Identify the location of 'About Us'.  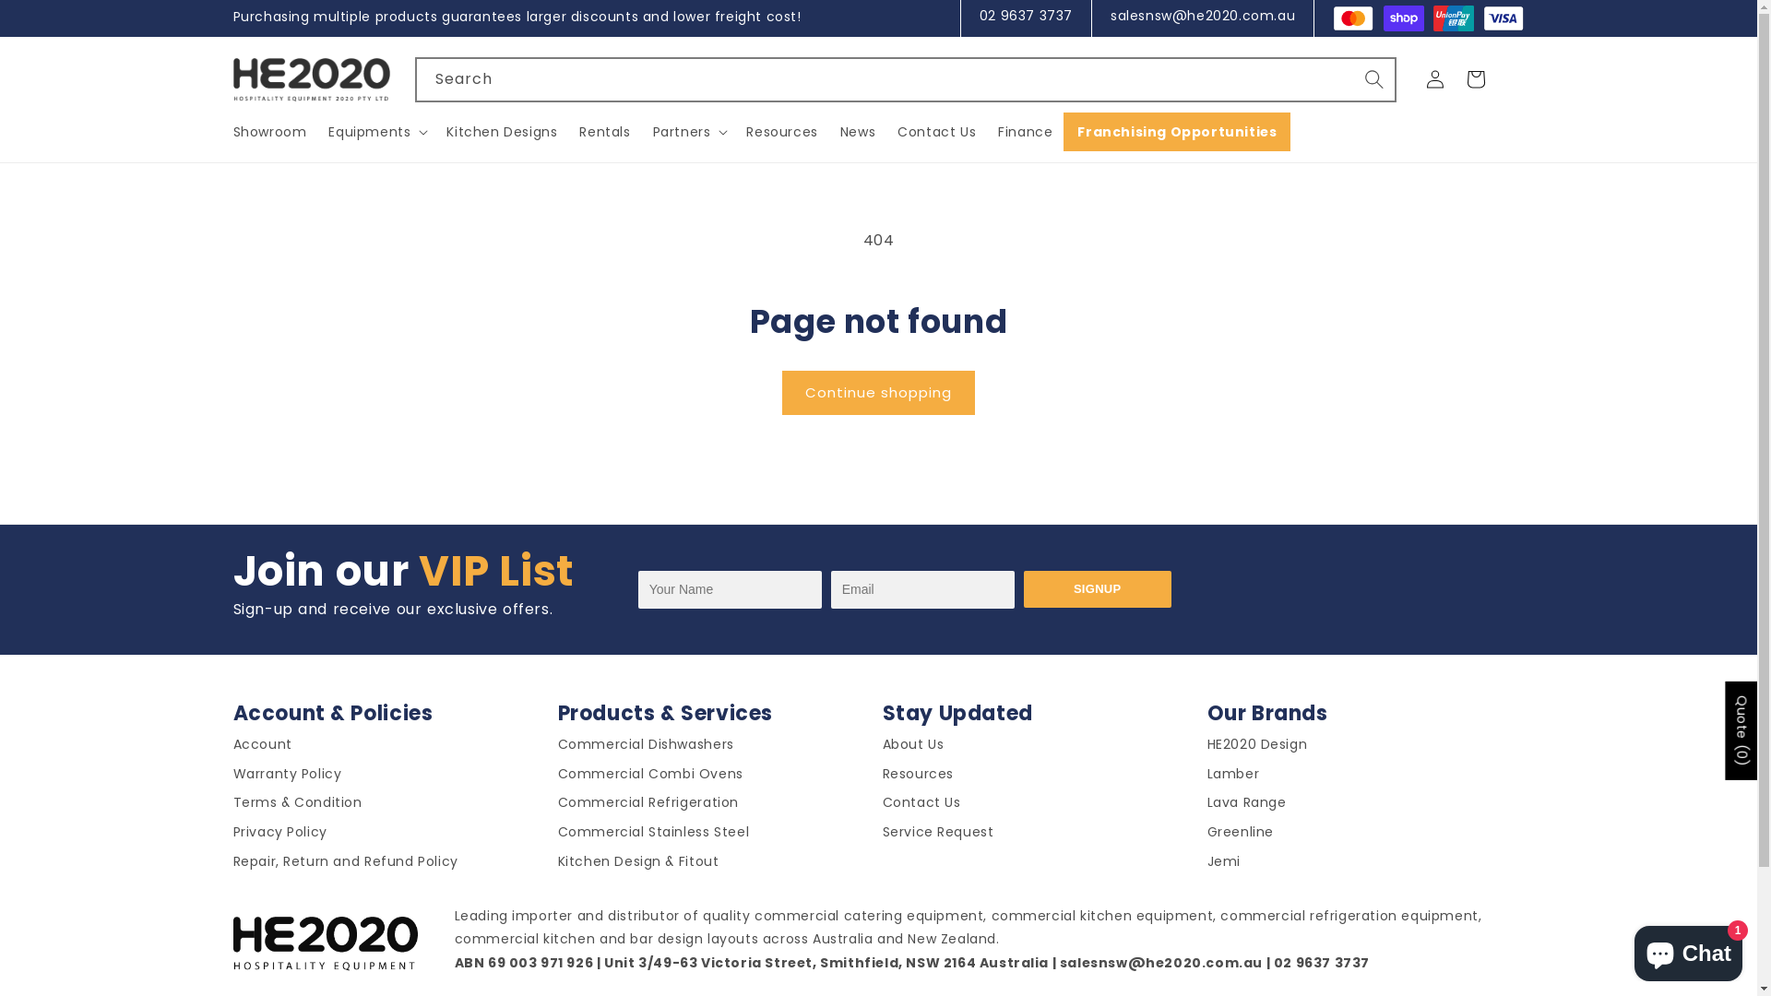
(912, 748).